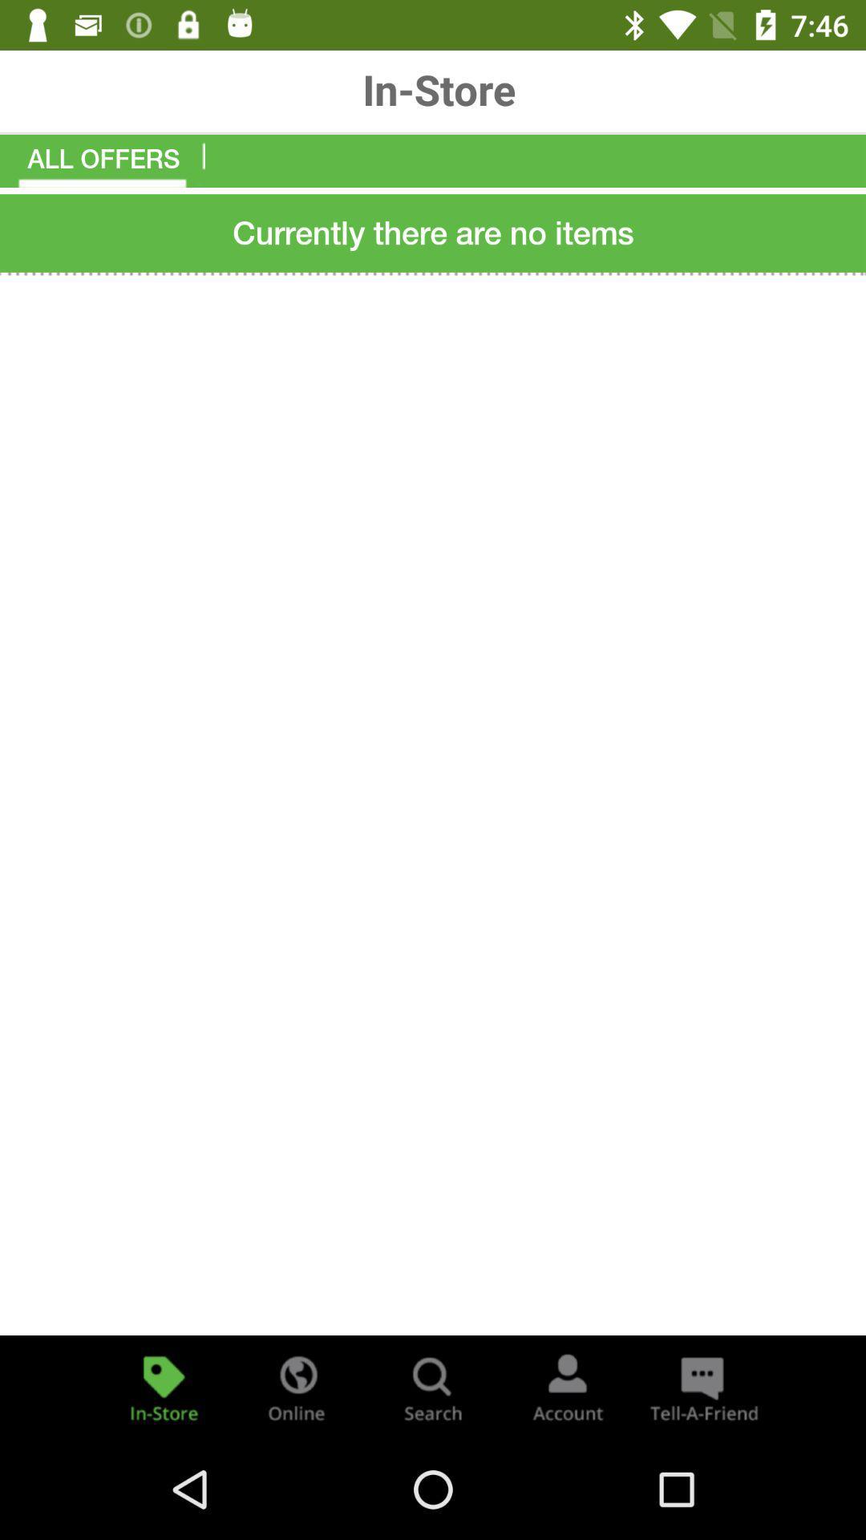 The width and height of the screenshot is (866, 1540). Describe the element at coordinates (567, 1386) in the screenshot. I see `account tab` at that location.